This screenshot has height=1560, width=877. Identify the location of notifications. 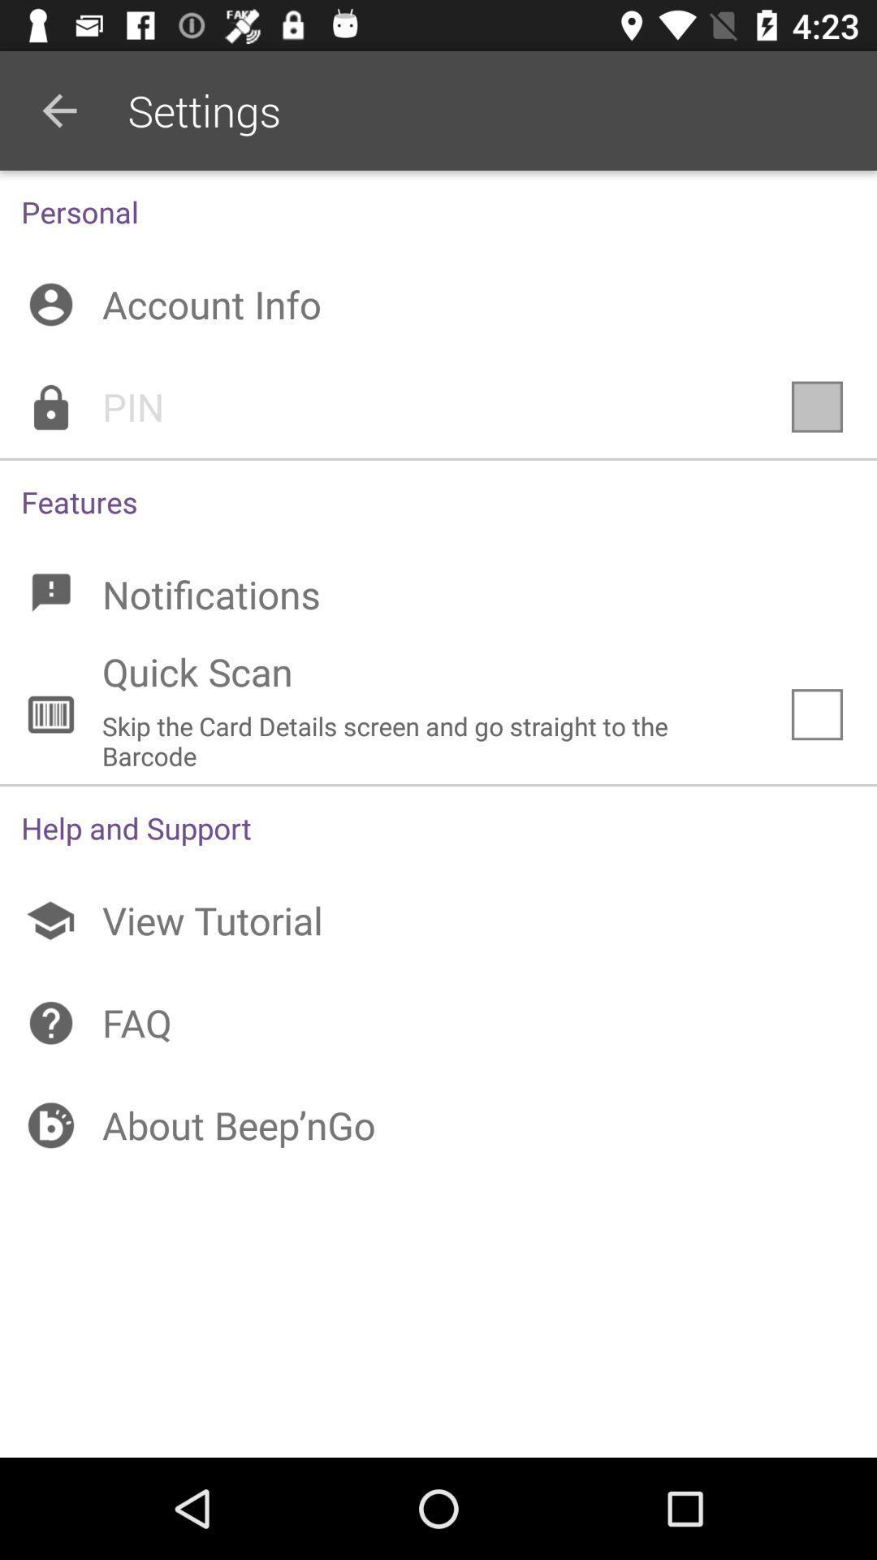
(438, 593).